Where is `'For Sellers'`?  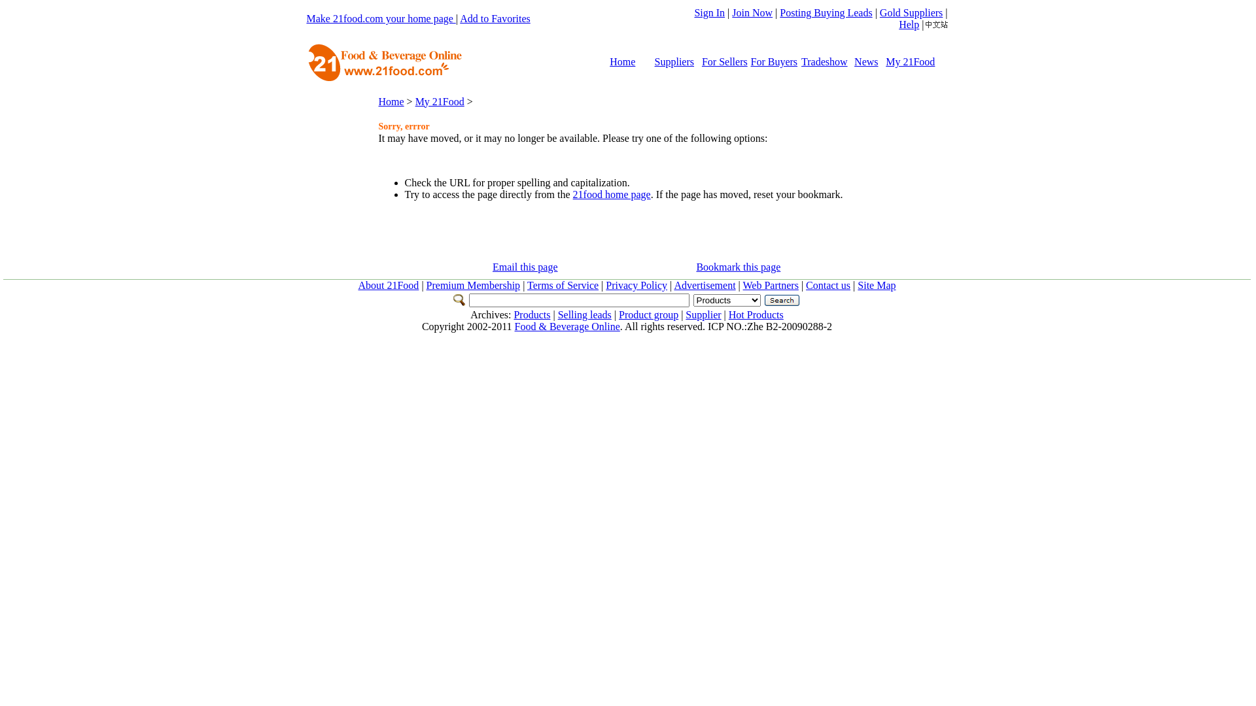
'For Sellers' is located at coordinates (724, 61).